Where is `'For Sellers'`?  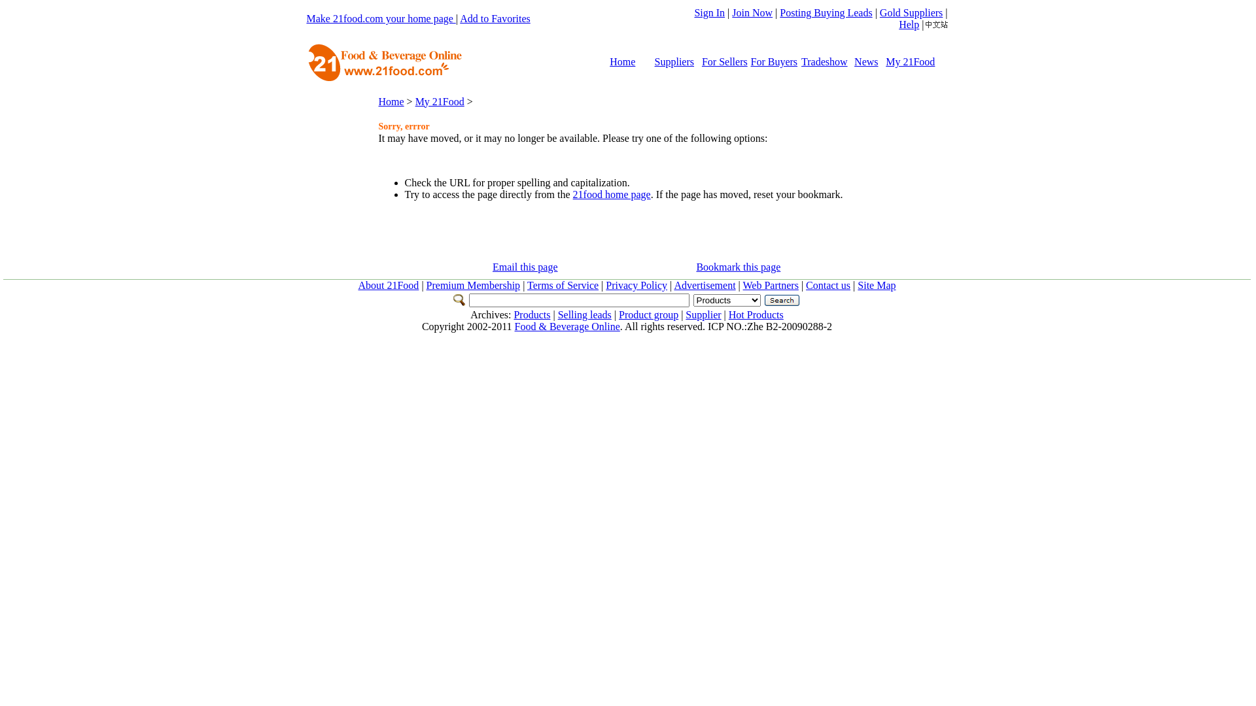
'For Sellers' is located at coordinates (724, 61).